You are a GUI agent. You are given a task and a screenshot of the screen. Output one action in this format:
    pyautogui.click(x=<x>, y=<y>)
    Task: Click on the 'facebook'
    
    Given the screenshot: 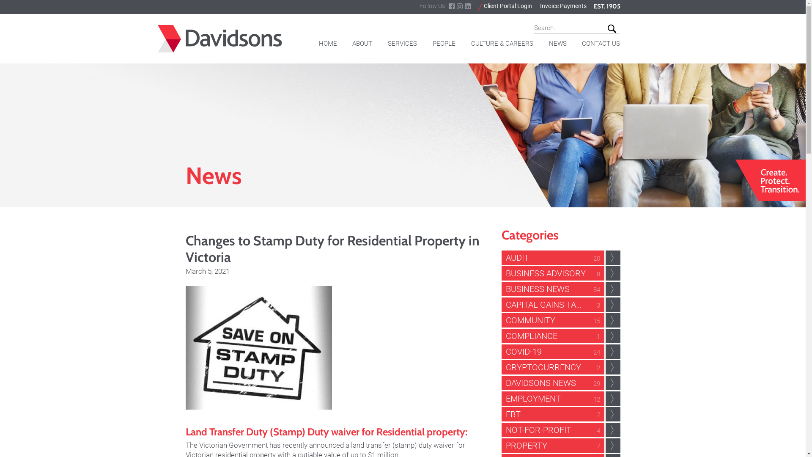 What is the action you would take?
    pyautogui.click(x=448, y=6)
    